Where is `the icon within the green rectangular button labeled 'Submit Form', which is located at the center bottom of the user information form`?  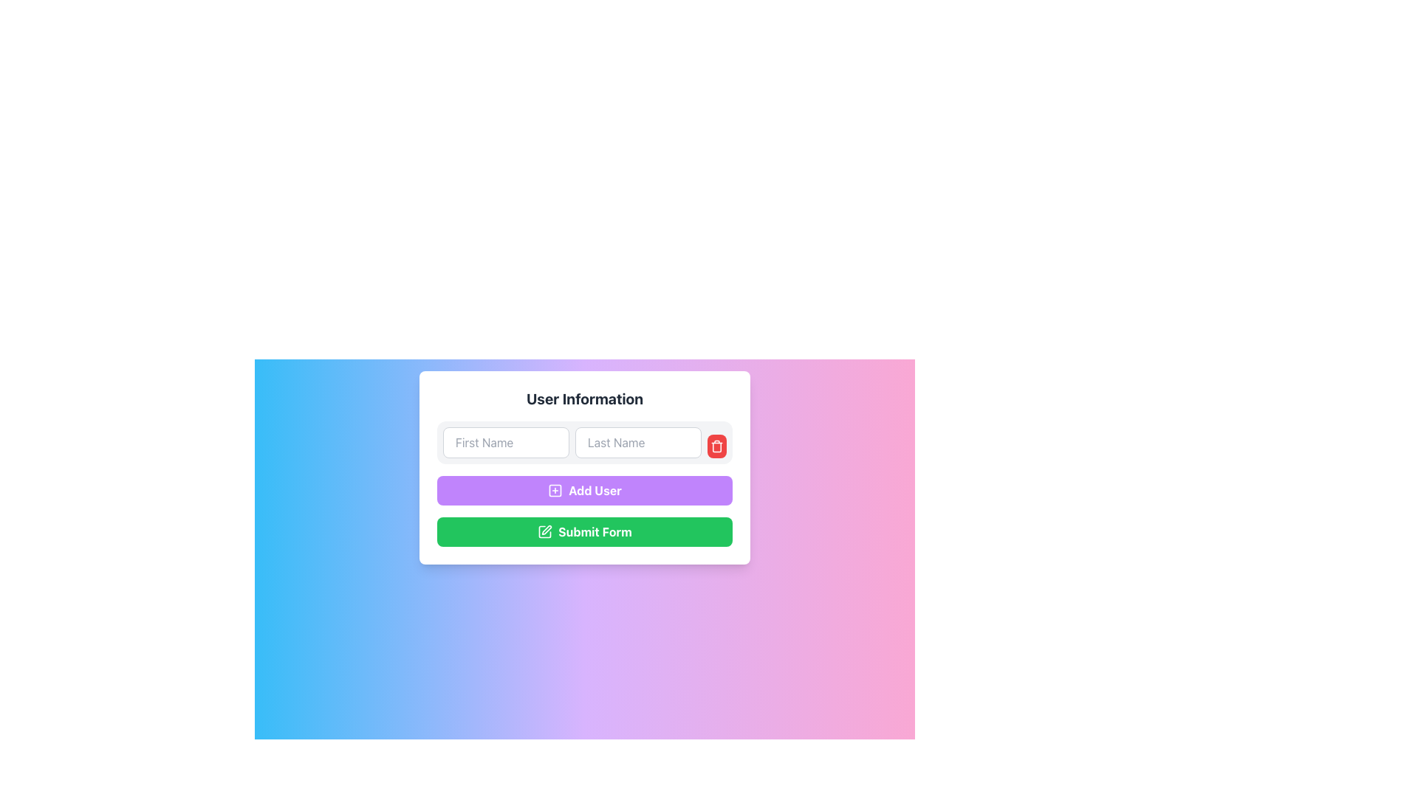
the icon within the green rectangular button labeled 'Submit Form', which is located at the center bottom of the user information form is located at coordinates (546, 529).